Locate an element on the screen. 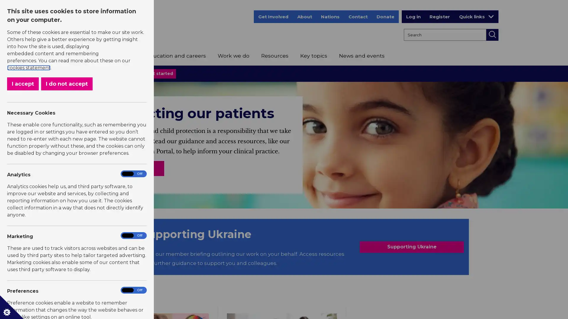 This screenshot has width=568, height=319. Search is located at coordinates (492, 35).